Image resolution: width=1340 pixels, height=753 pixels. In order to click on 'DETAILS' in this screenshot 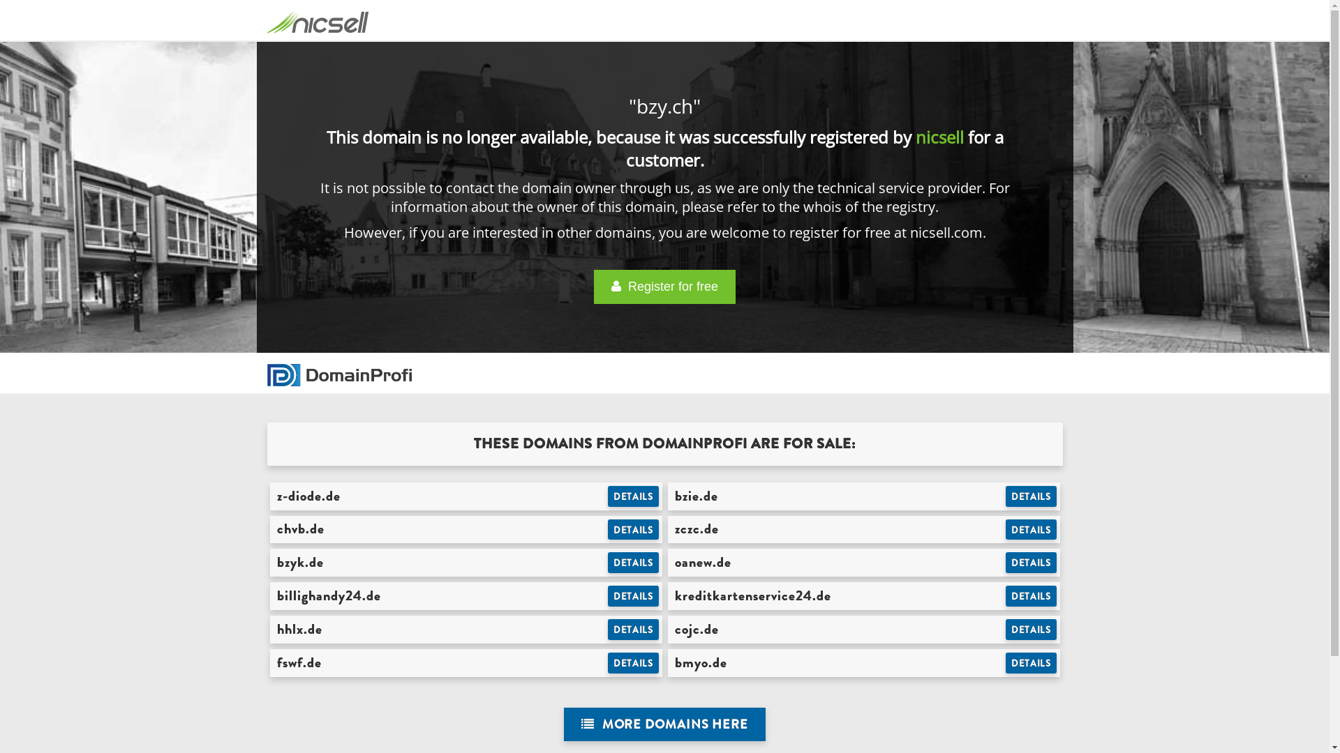, I will do `click(607, 529)`.